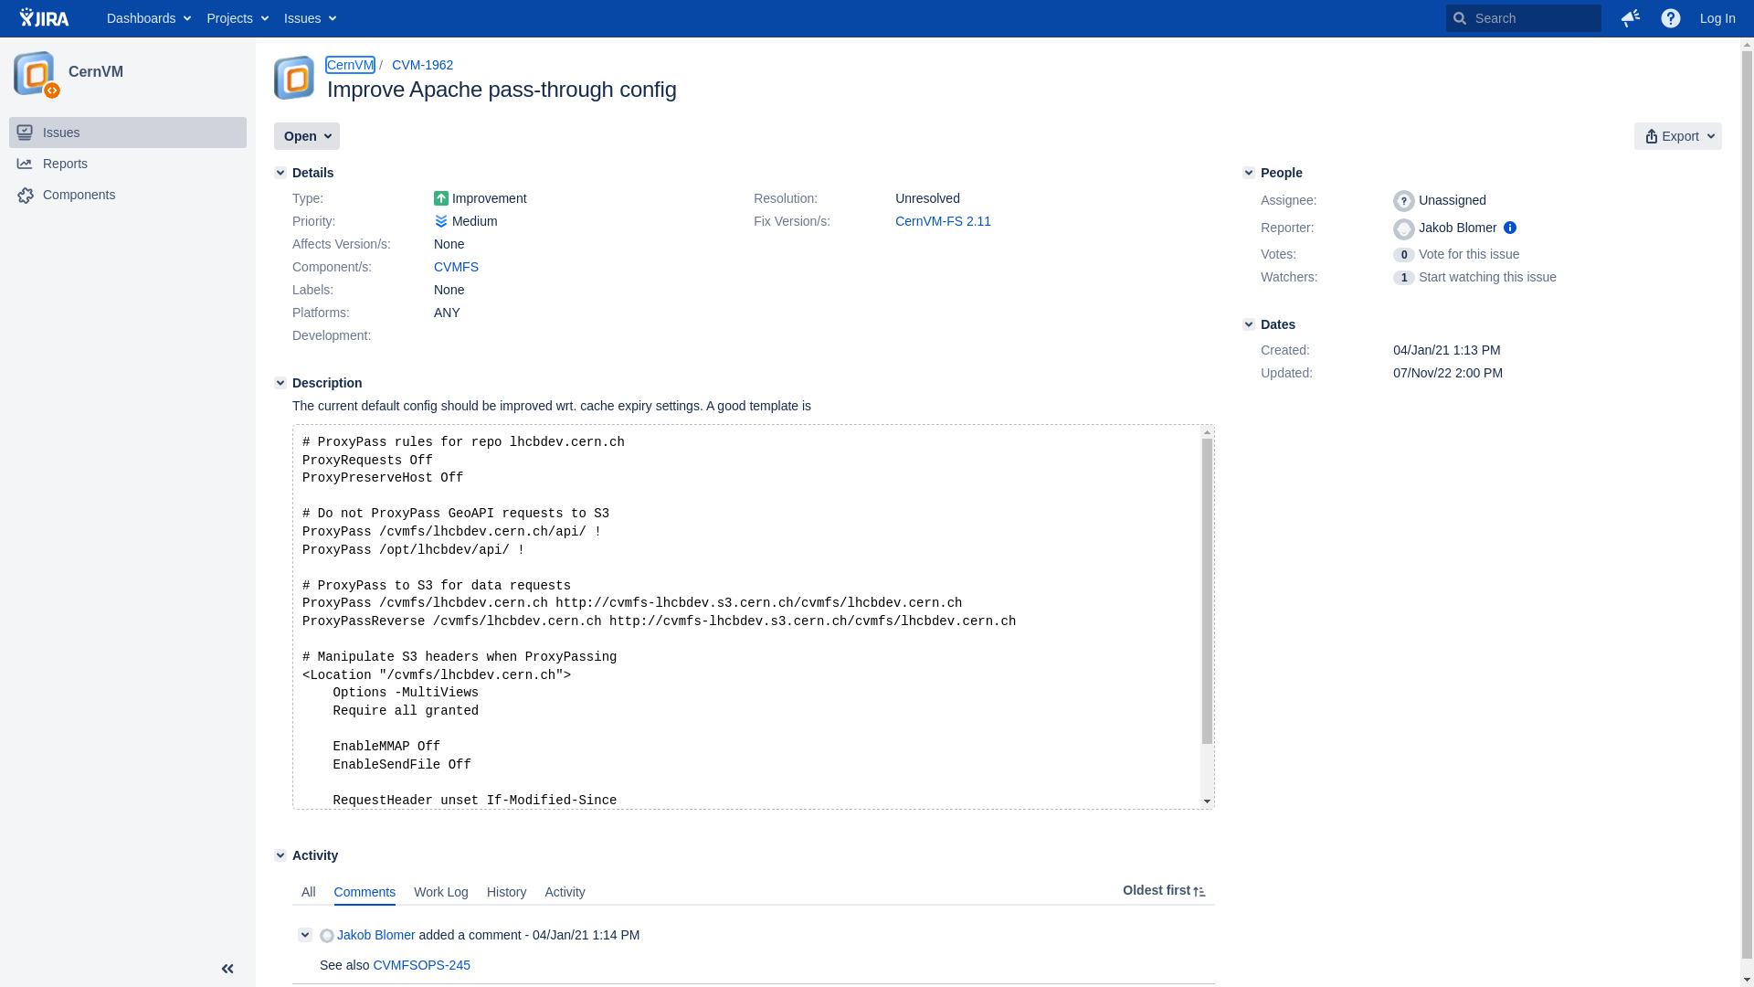  Describe the element at coordinates (433, 267) in the screenshot. I see `'CVMFS'` at that location.